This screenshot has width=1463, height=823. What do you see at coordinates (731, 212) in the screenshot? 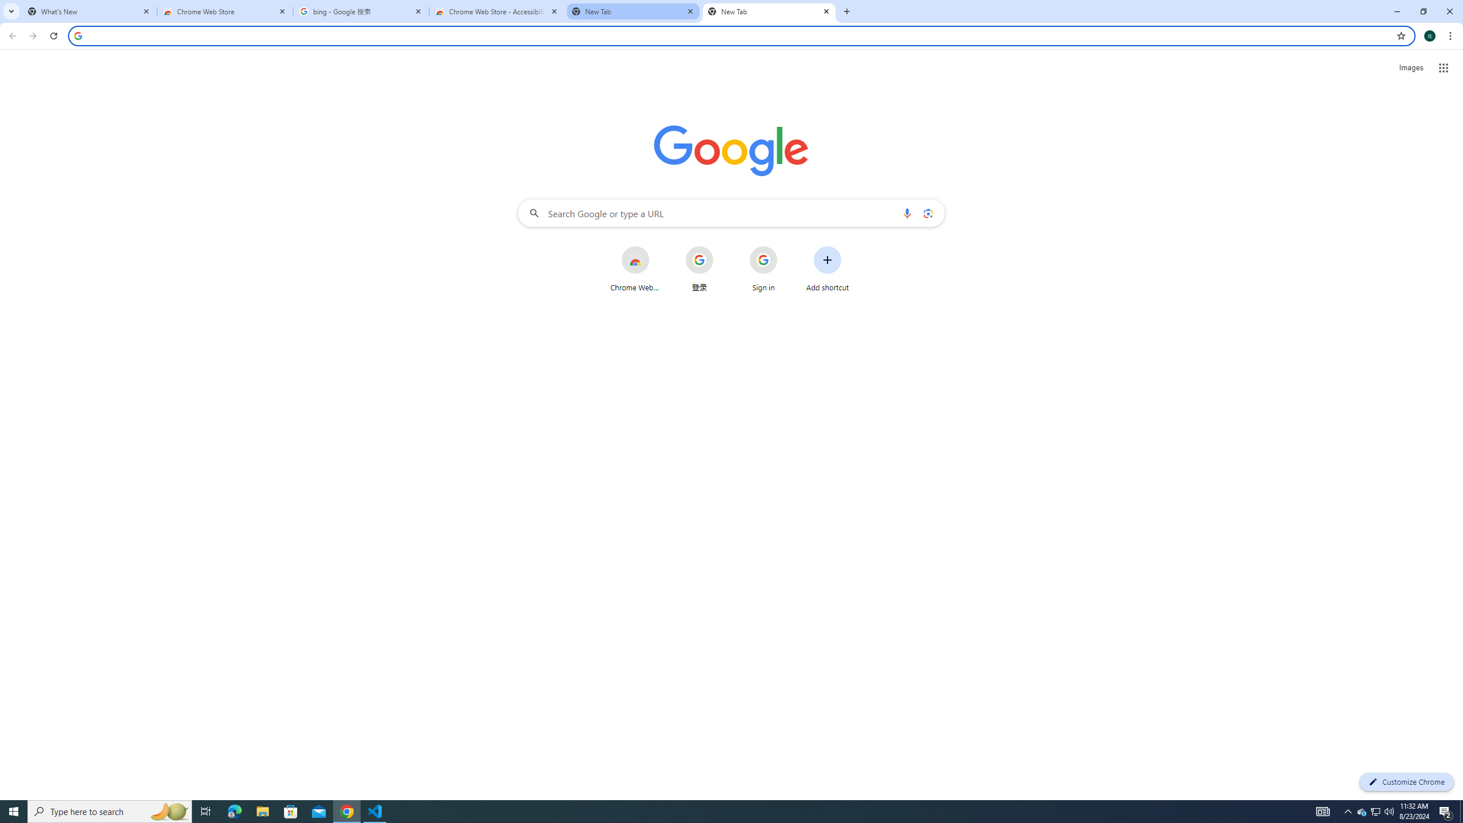
I see `'Search Google or type a URL'` at bounding box center [731, 212].